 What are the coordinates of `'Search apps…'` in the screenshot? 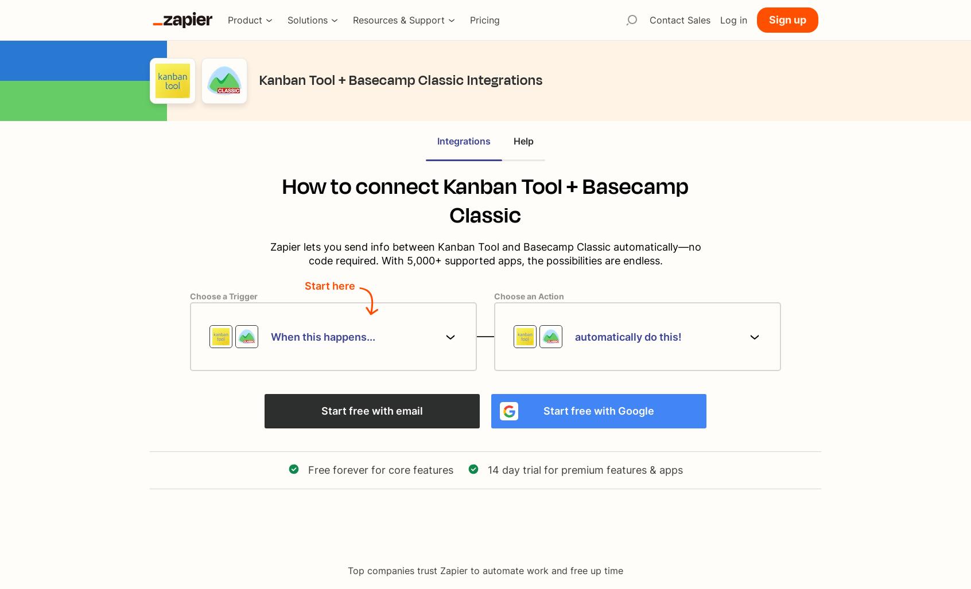 It's located at (631, 42).